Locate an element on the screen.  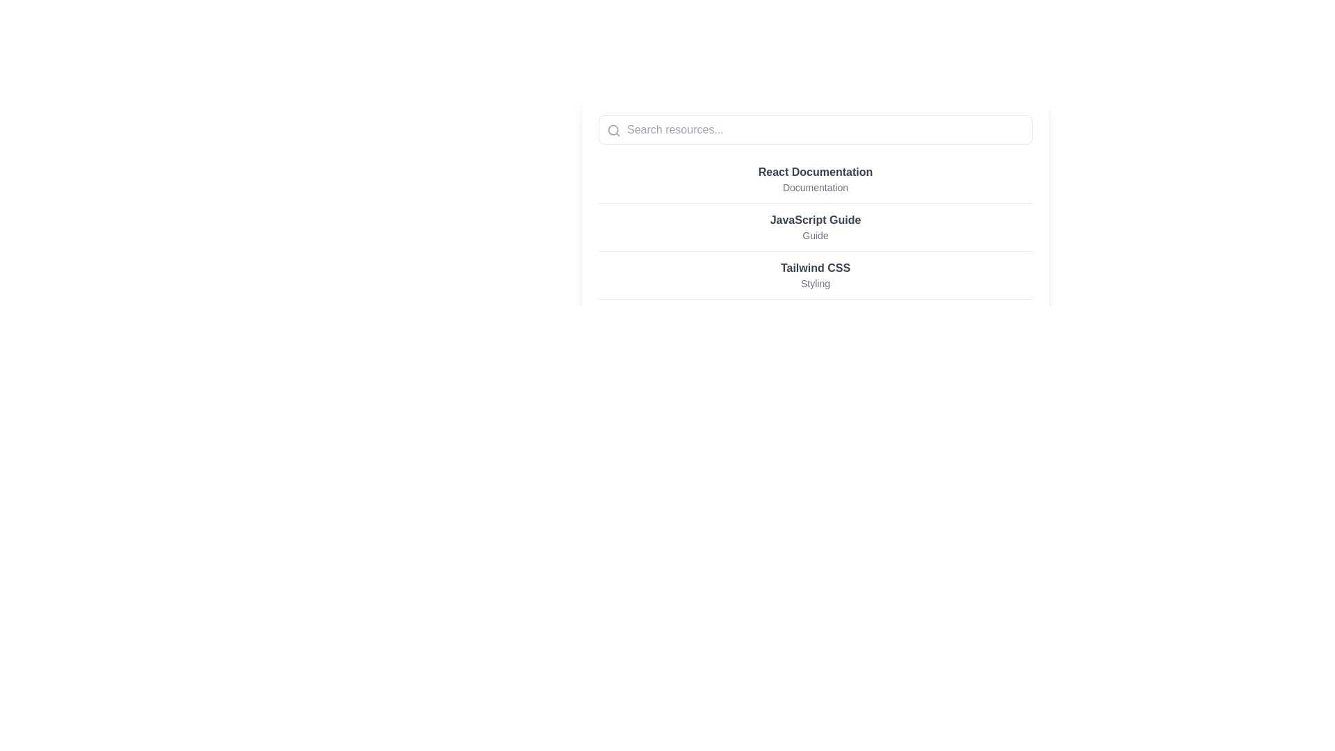
the text element 'Guide' which is styled in a small gray font and located directly below the heading 'JavaScript Guide' is located at coordinates (815, 235).